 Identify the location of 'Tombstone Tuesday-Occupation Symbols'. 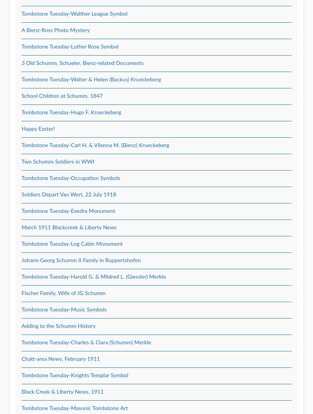
(70, 178).